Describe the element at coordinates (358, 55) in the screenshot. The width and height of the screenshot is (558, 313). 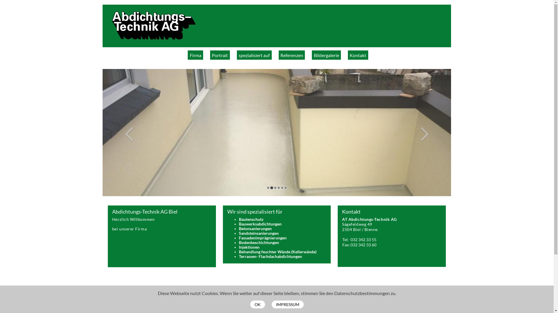
I see `'Kontakt'` at that location.